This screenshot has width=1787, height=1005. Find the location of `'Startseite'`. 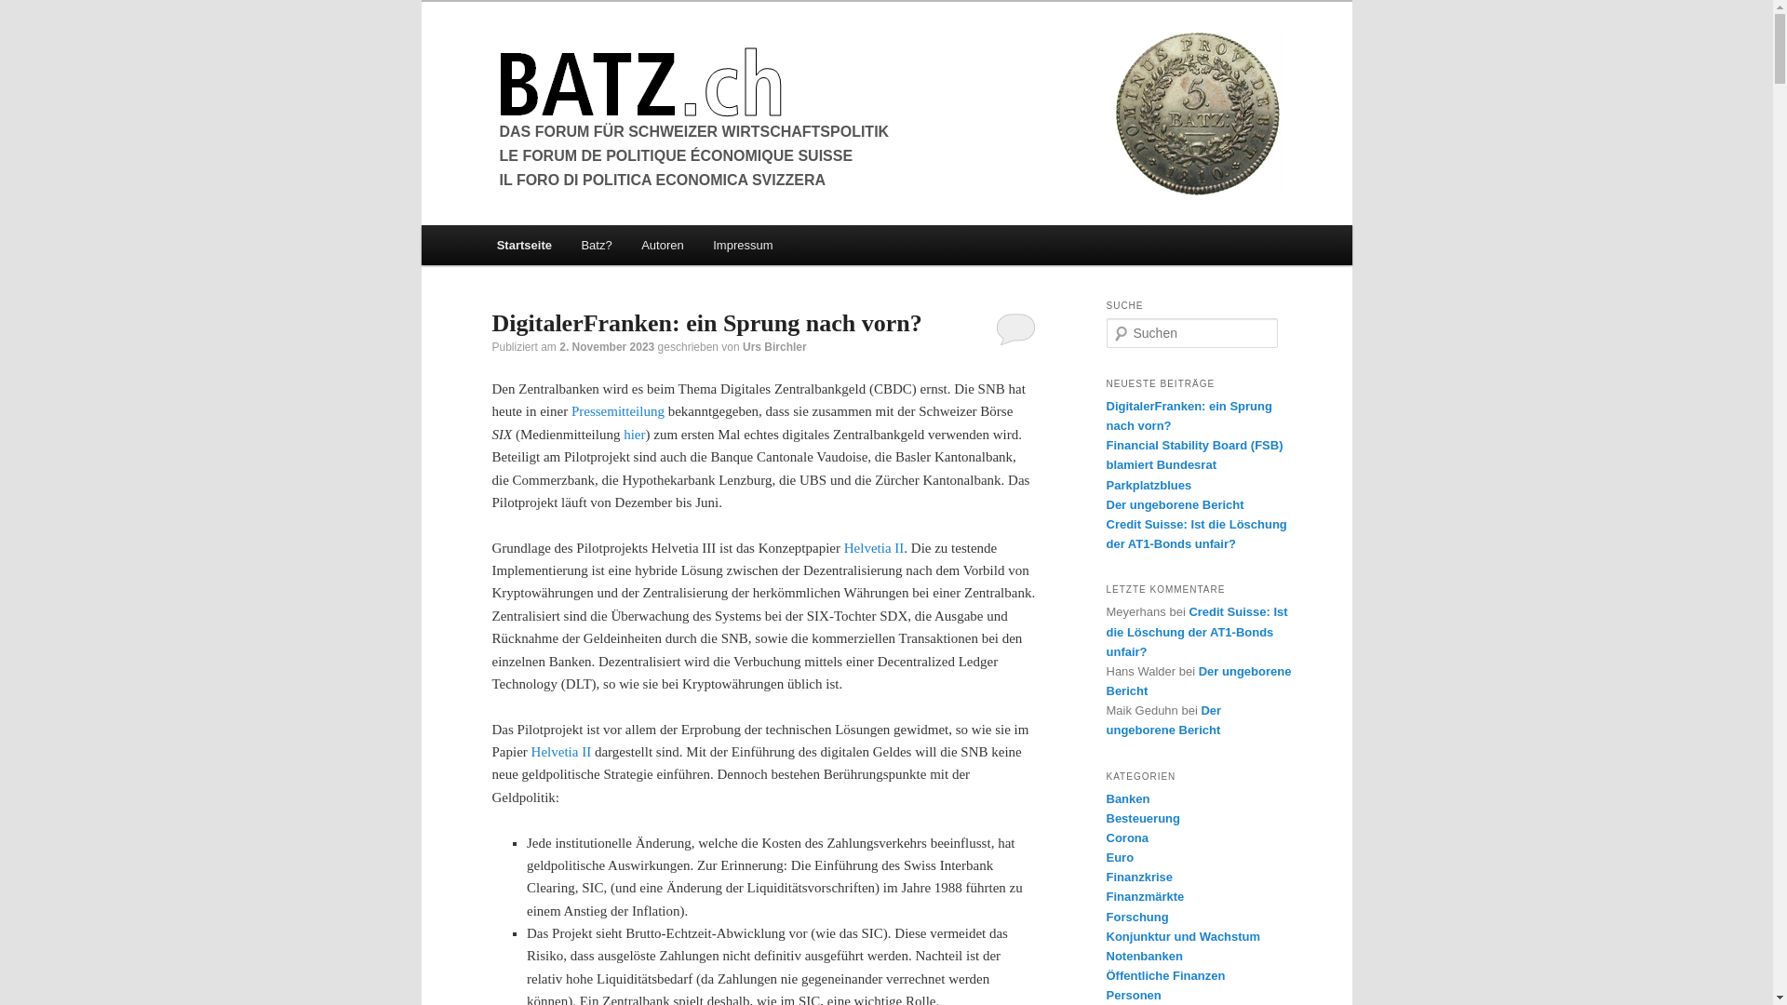

'Startseite' is located at coordinates (482, 244).